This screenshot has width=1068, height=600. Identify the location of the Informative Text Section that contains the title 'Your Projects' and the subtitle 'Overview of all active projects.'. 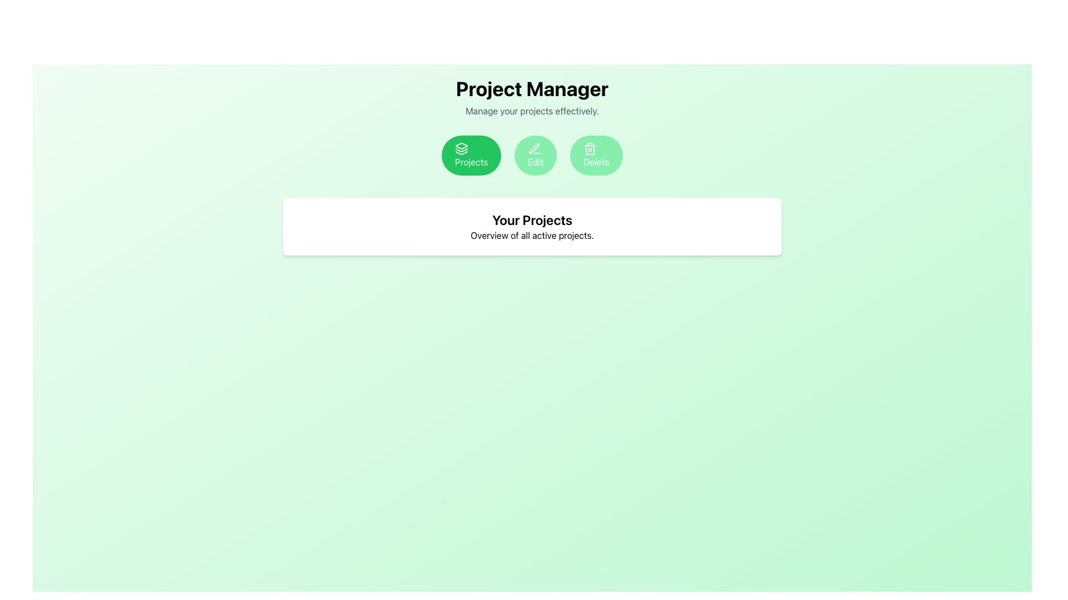
(531, 226).